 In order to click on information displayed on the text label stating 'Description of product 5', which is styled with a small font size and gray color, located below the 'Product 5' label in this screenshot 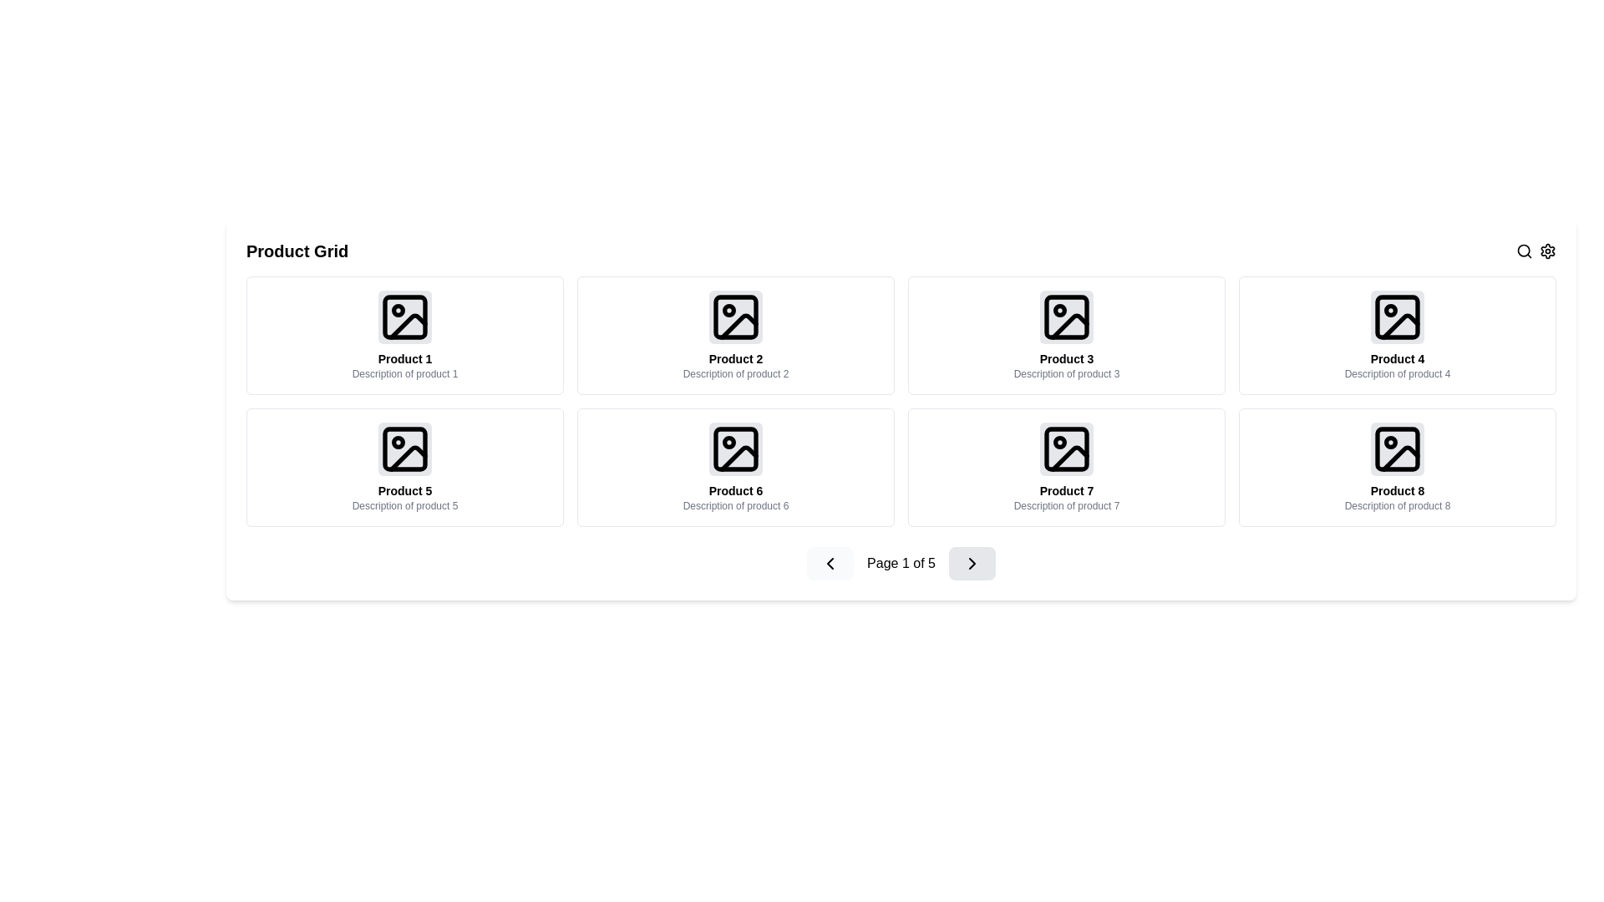, I will do `click(404, 504)`.